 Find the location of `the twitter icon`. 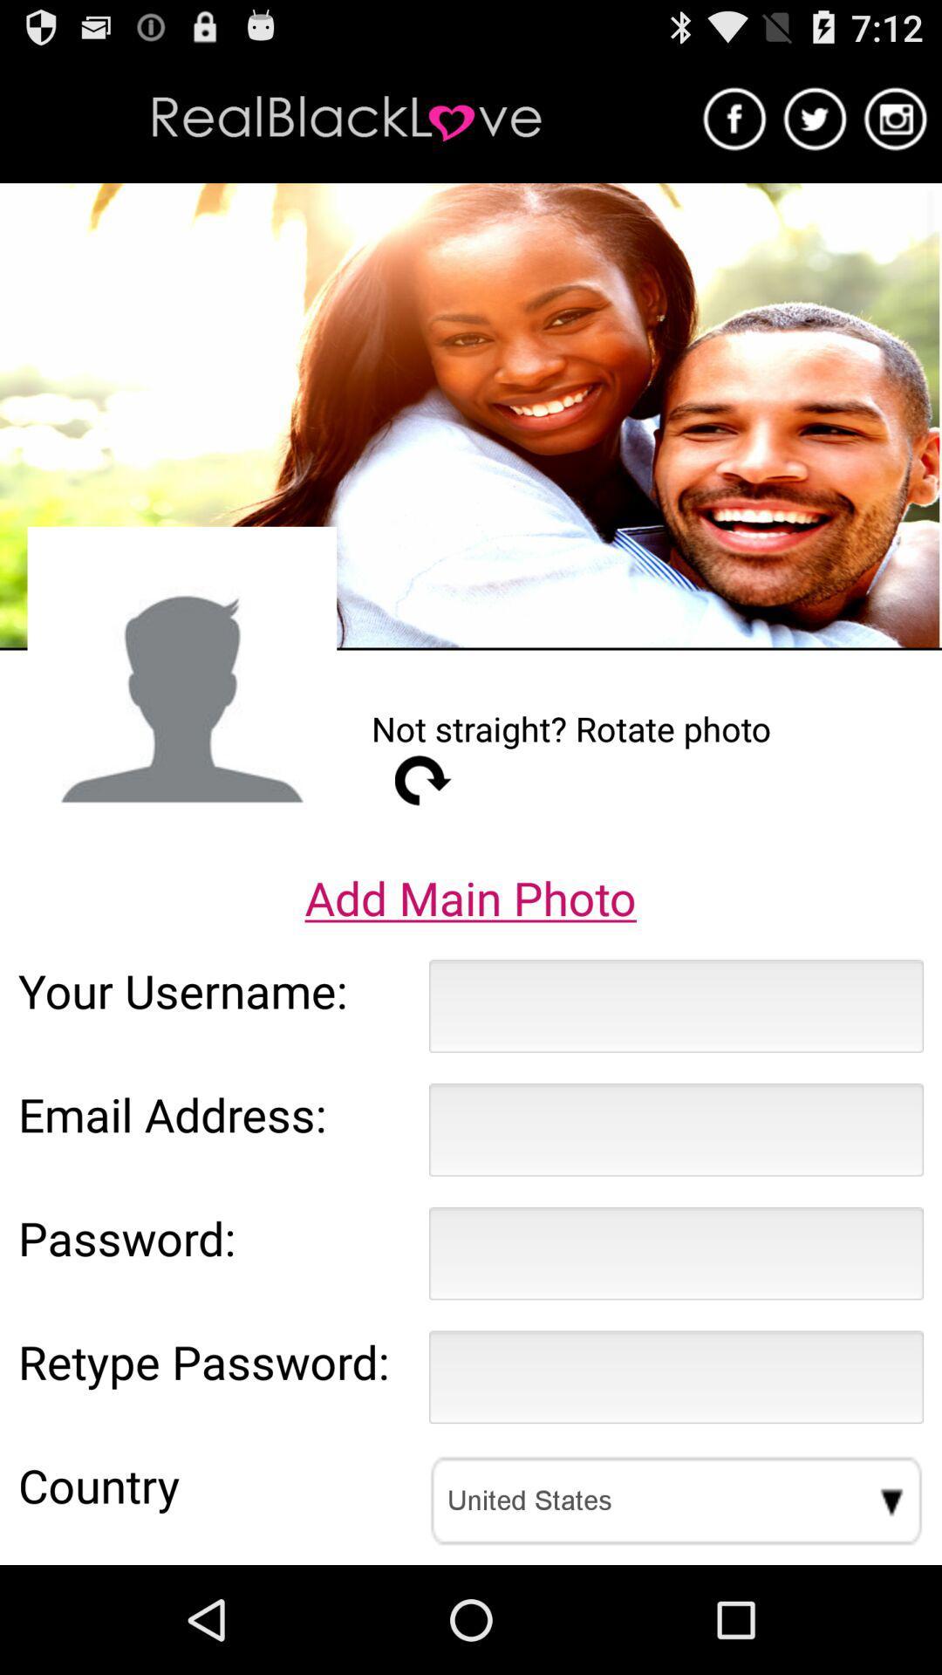

the twitter icon is located at coordinates (815, 126).